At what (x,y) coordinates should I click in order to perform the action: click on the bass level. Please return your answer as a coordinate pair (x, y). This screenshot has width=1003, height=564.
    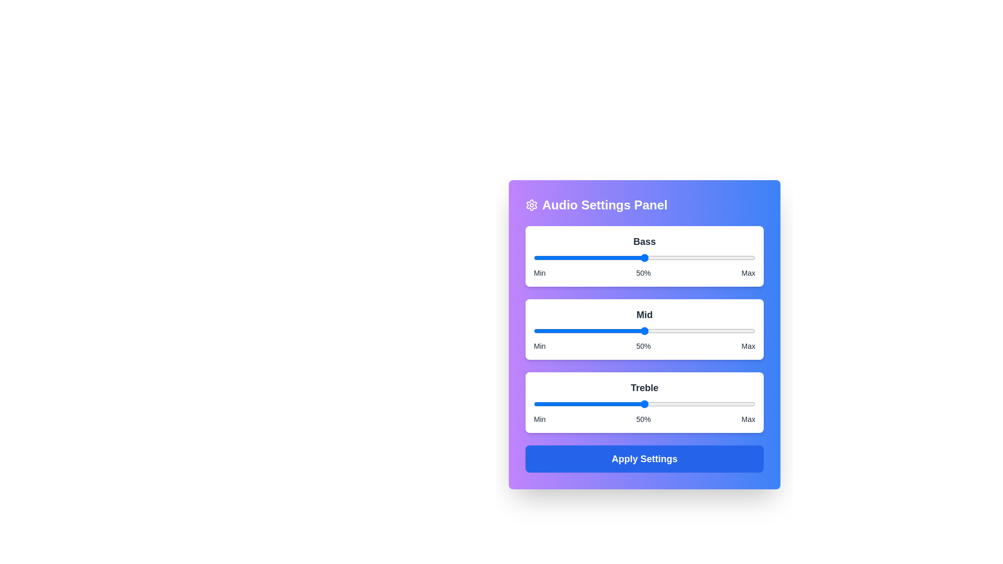
    Looking at the image, I should click on (557, 257).